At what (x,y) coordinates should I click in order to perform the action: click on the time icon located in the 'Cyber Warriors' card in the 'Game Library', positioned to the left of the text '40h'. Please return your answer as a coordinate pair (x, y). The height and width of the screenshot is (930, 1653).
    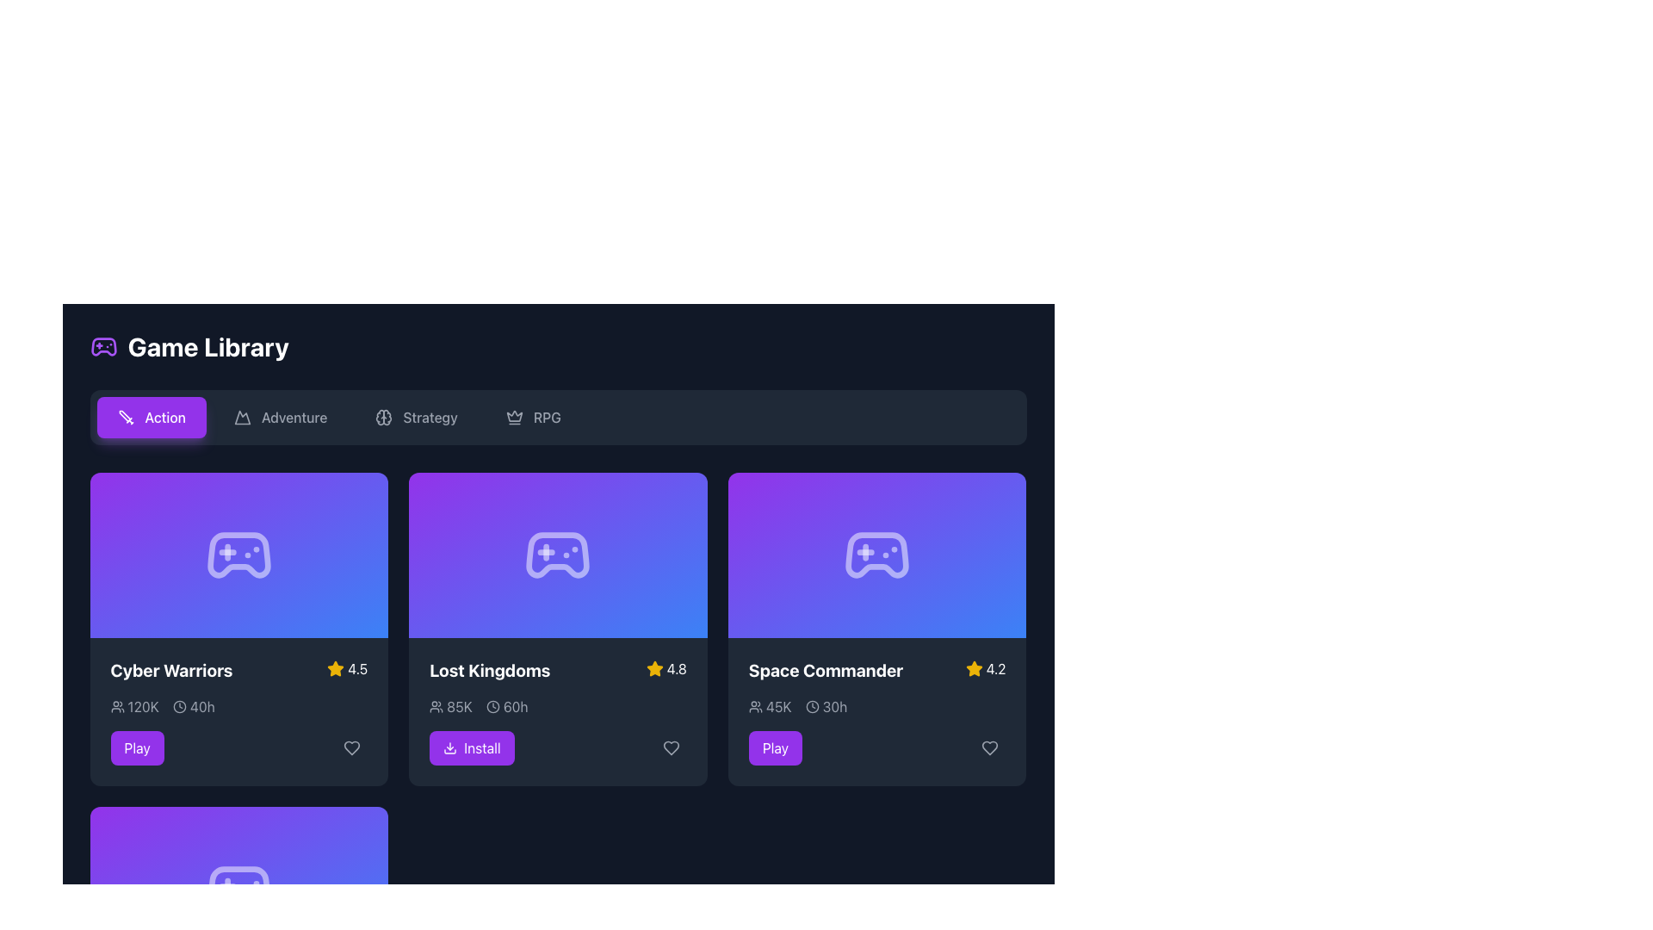
    Looking at the image, I should click on (179, 707).